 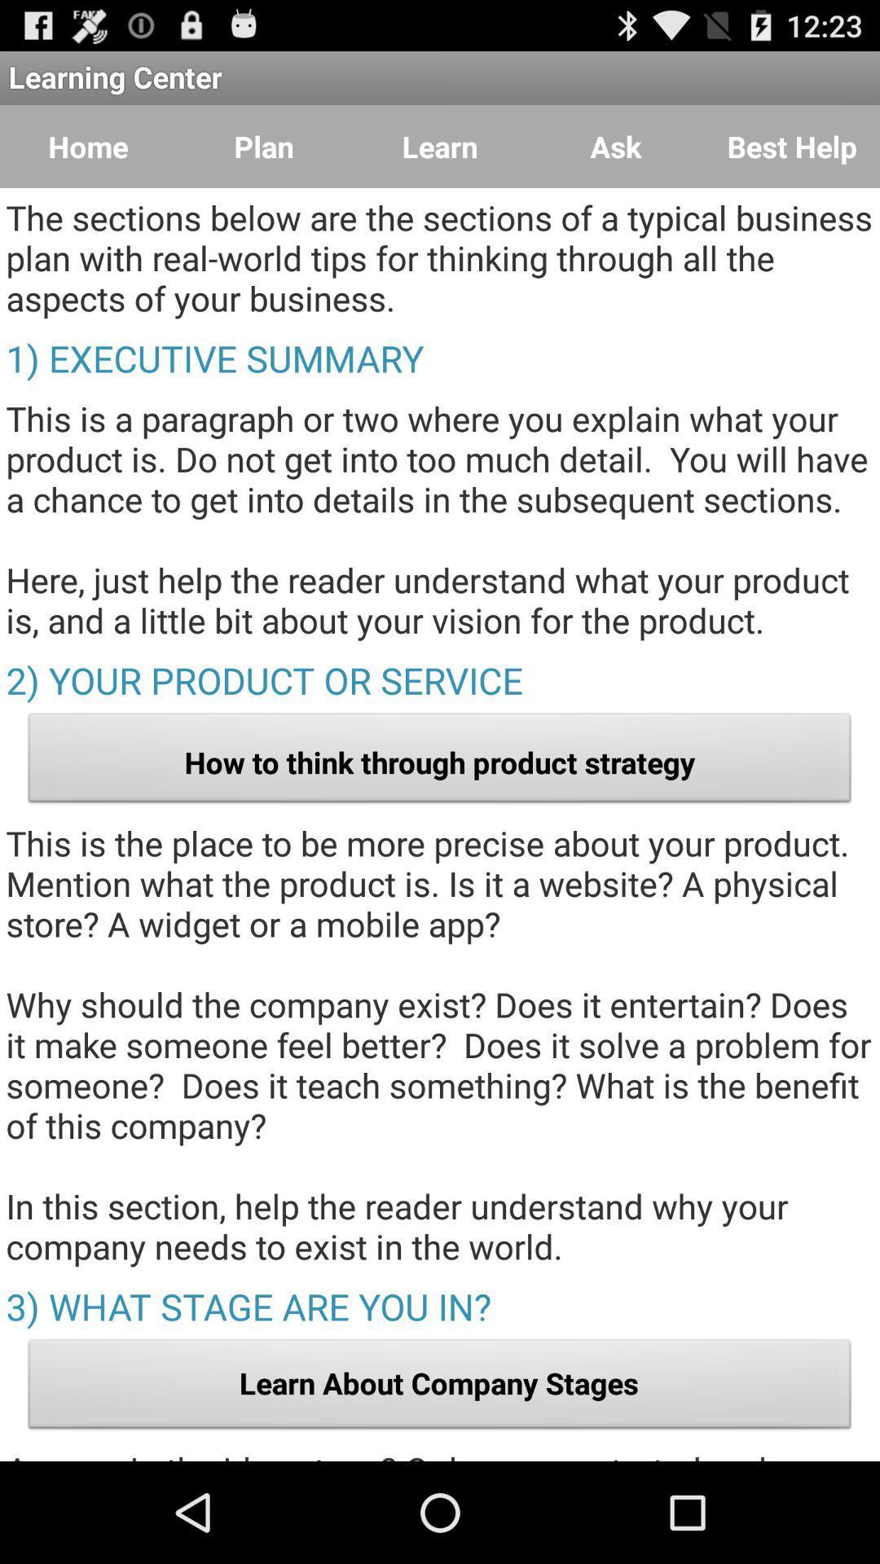 I want to click on the icon next to ask item, so click(x=791, y=147).